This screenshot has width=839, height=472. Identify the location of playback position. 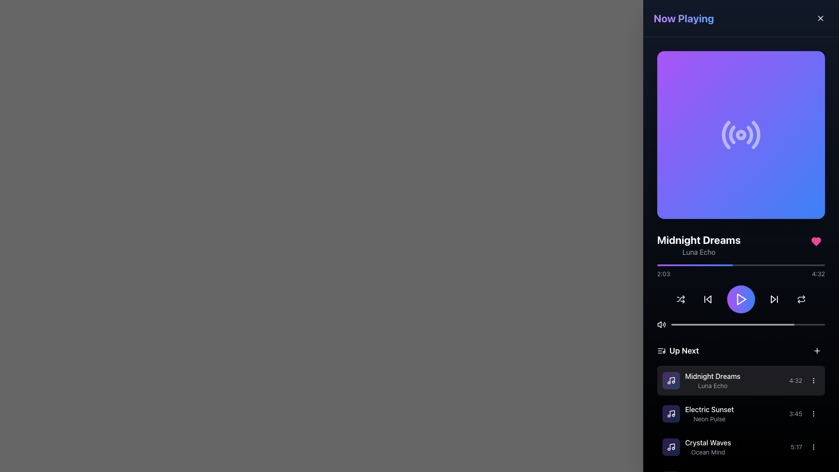
(686, 325).